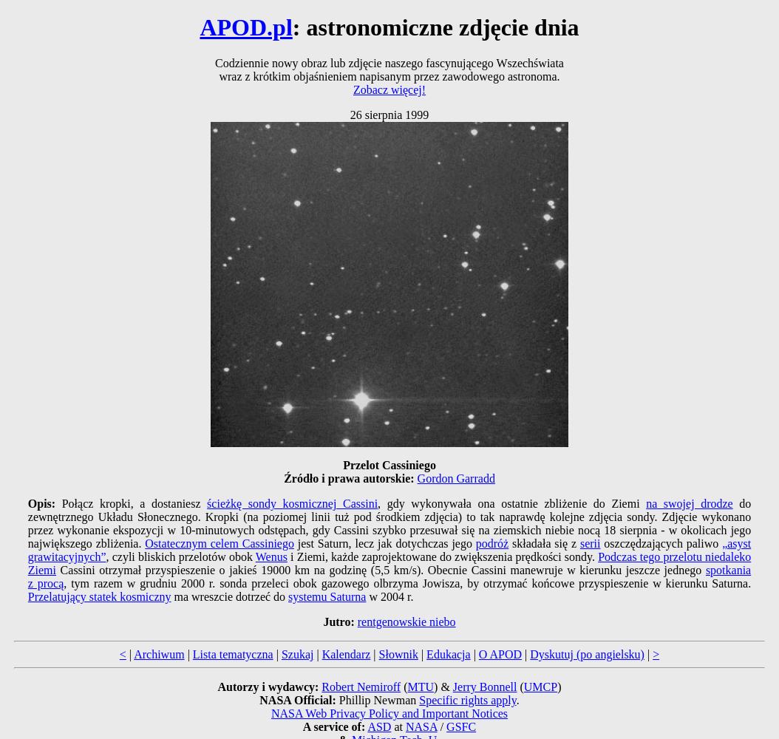  Describe the element at coordinates (406, 621) in the screenshot. I see `'rentgenowskie niebo'` at that location.